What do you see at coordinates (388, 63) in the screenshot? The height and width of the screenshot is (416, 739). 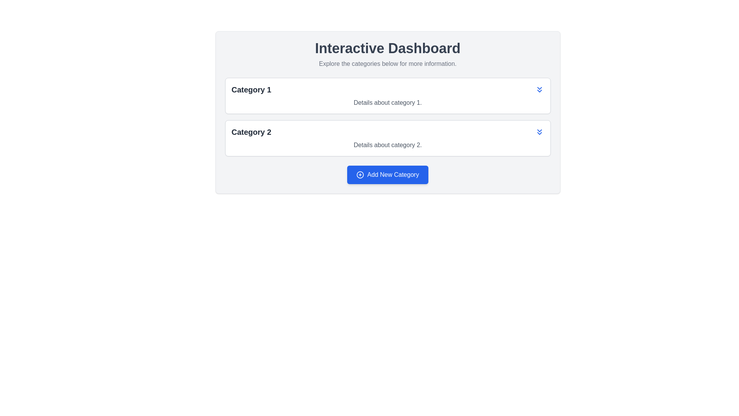 I see `the text label that reads 'Explore the categories below for more information.', which is styled in gray and positioned directly below the 'Interactive Dashboard' header` at bounding box center [388, 63].